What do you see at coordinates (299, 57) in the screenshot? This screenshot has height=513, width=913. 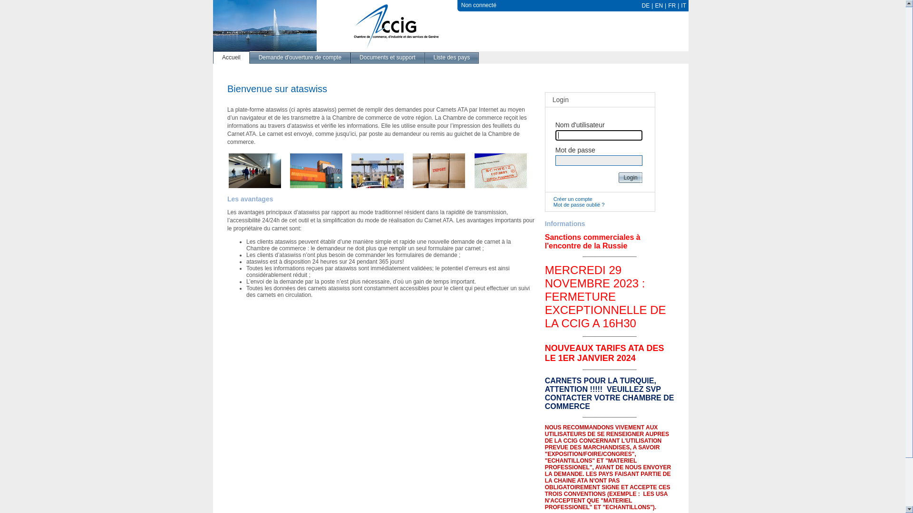 I see `'Demande d'ouverture de compte'` at bounding box center [299, 57].